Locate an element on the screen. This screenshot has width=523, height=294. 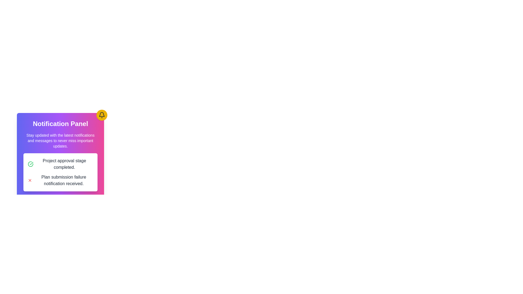
the confirmation button located on the left side of the button group below the notification panel to approve the action is located at coordinates (40, 201).